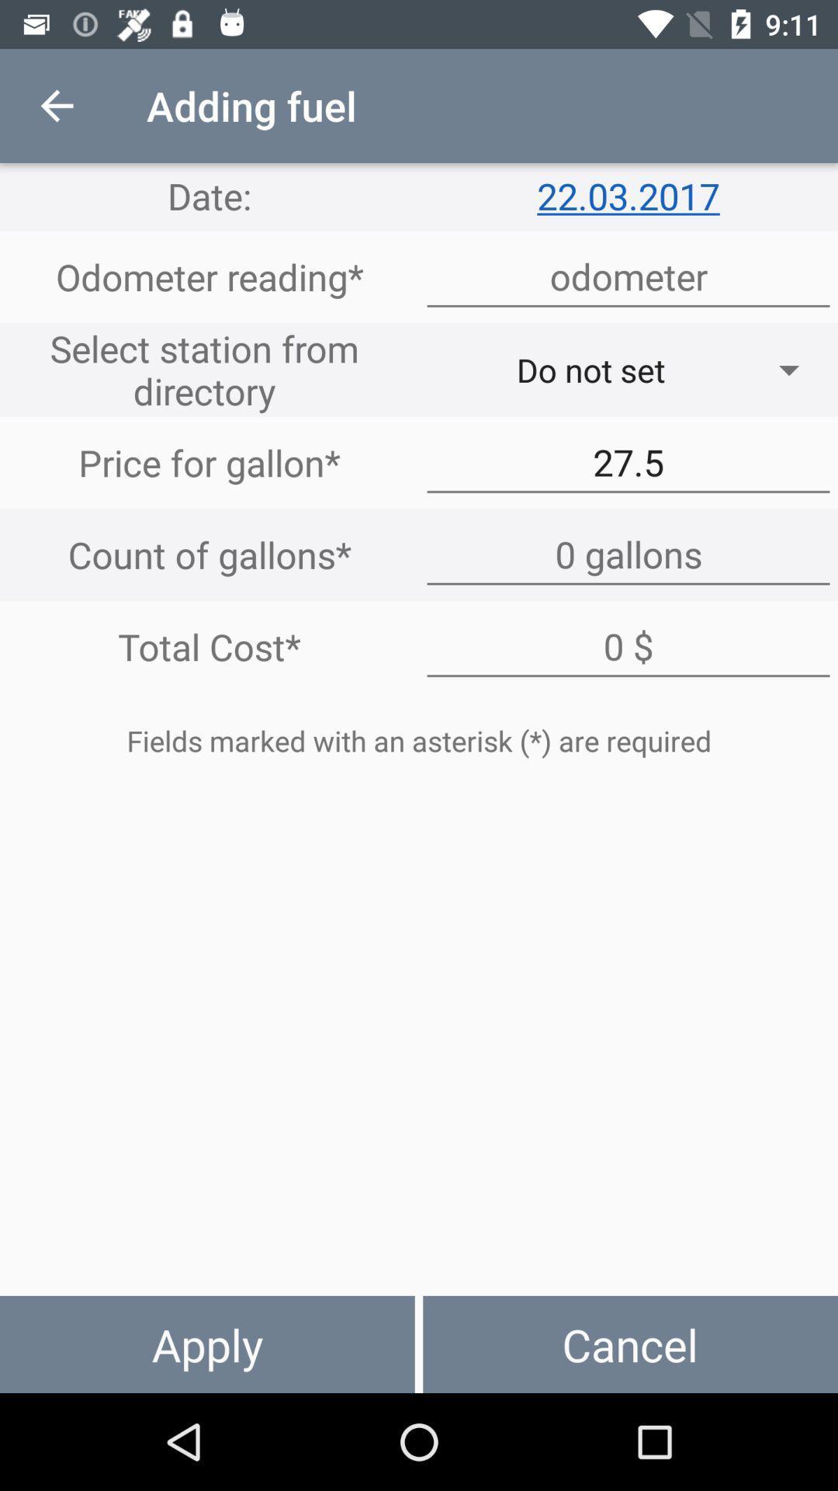  Describe the element at coordinates (628, 647) in the screenshot. I see `total cost type line` at that location.